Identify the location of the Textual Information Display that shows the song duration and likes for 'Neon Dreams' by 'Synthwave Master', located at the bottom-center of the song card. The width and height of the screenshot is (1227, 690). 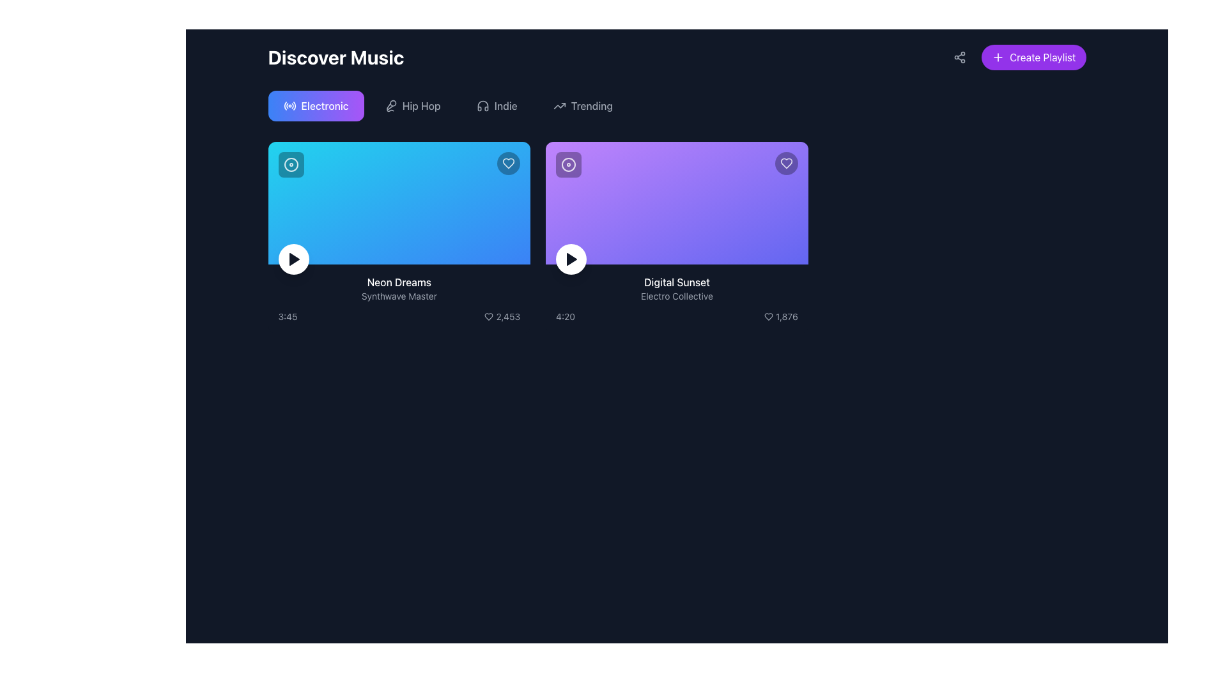
(398, 316).